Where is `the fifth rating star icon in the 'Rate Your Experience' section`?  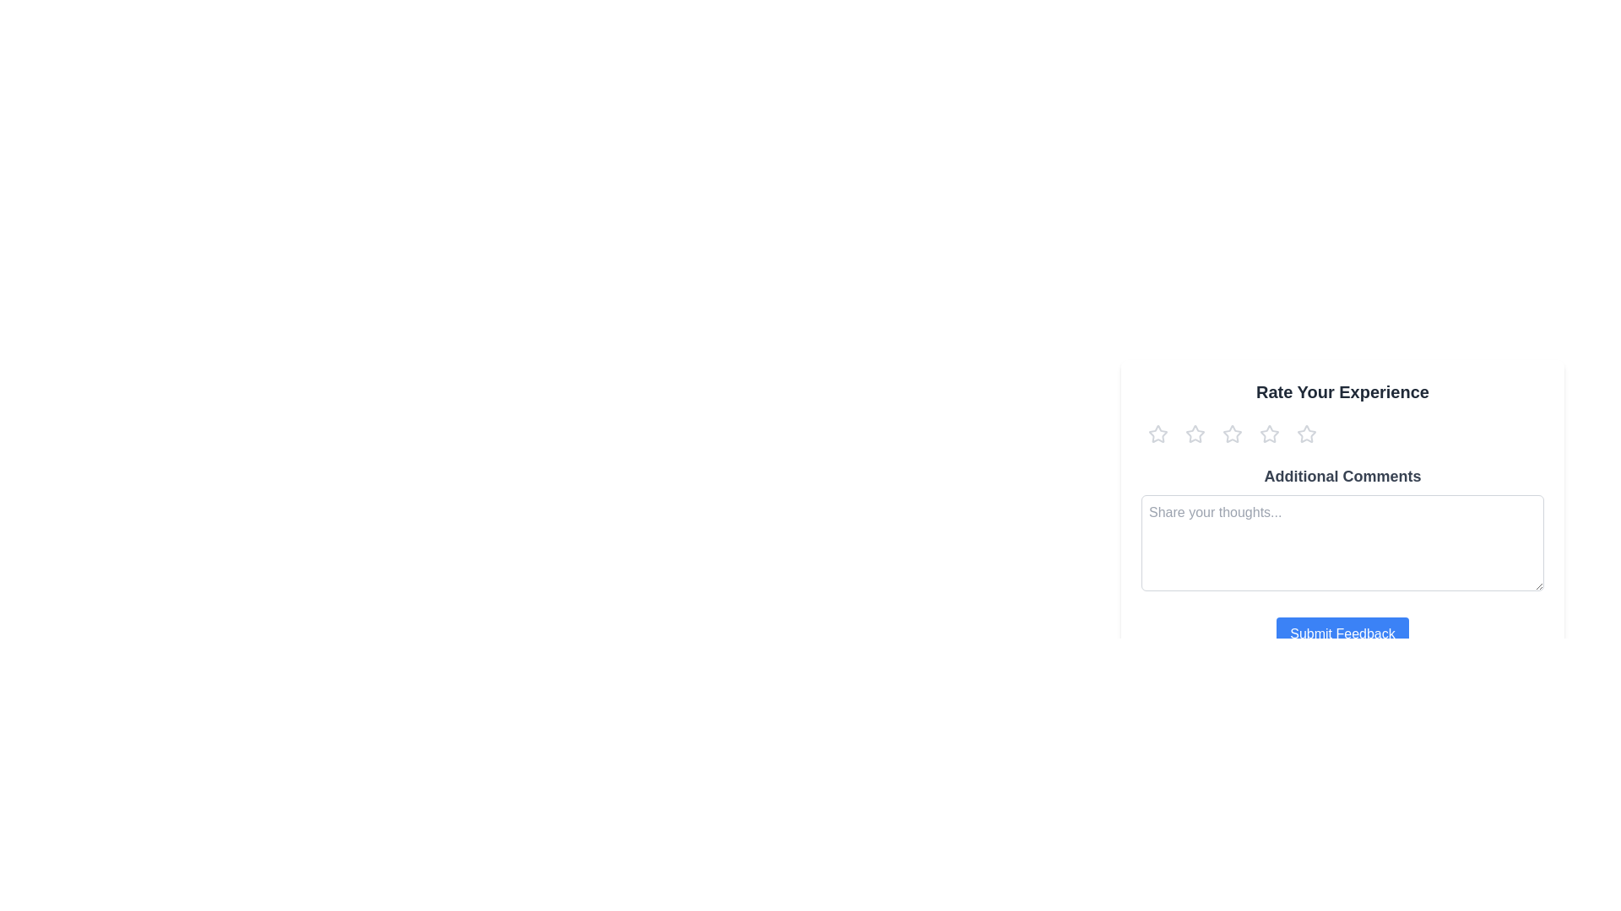
the fifth rating star icon in the 'Rate Your Experience' section is located at coordinates (1306, 434).